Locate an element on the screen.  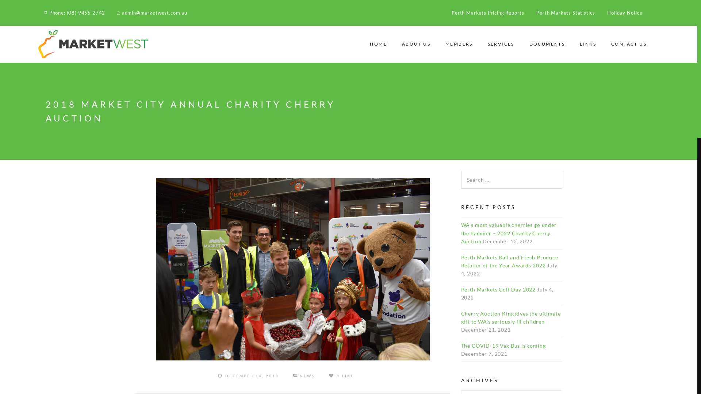
'MEMBERS' is located at coordinates (459, 44).